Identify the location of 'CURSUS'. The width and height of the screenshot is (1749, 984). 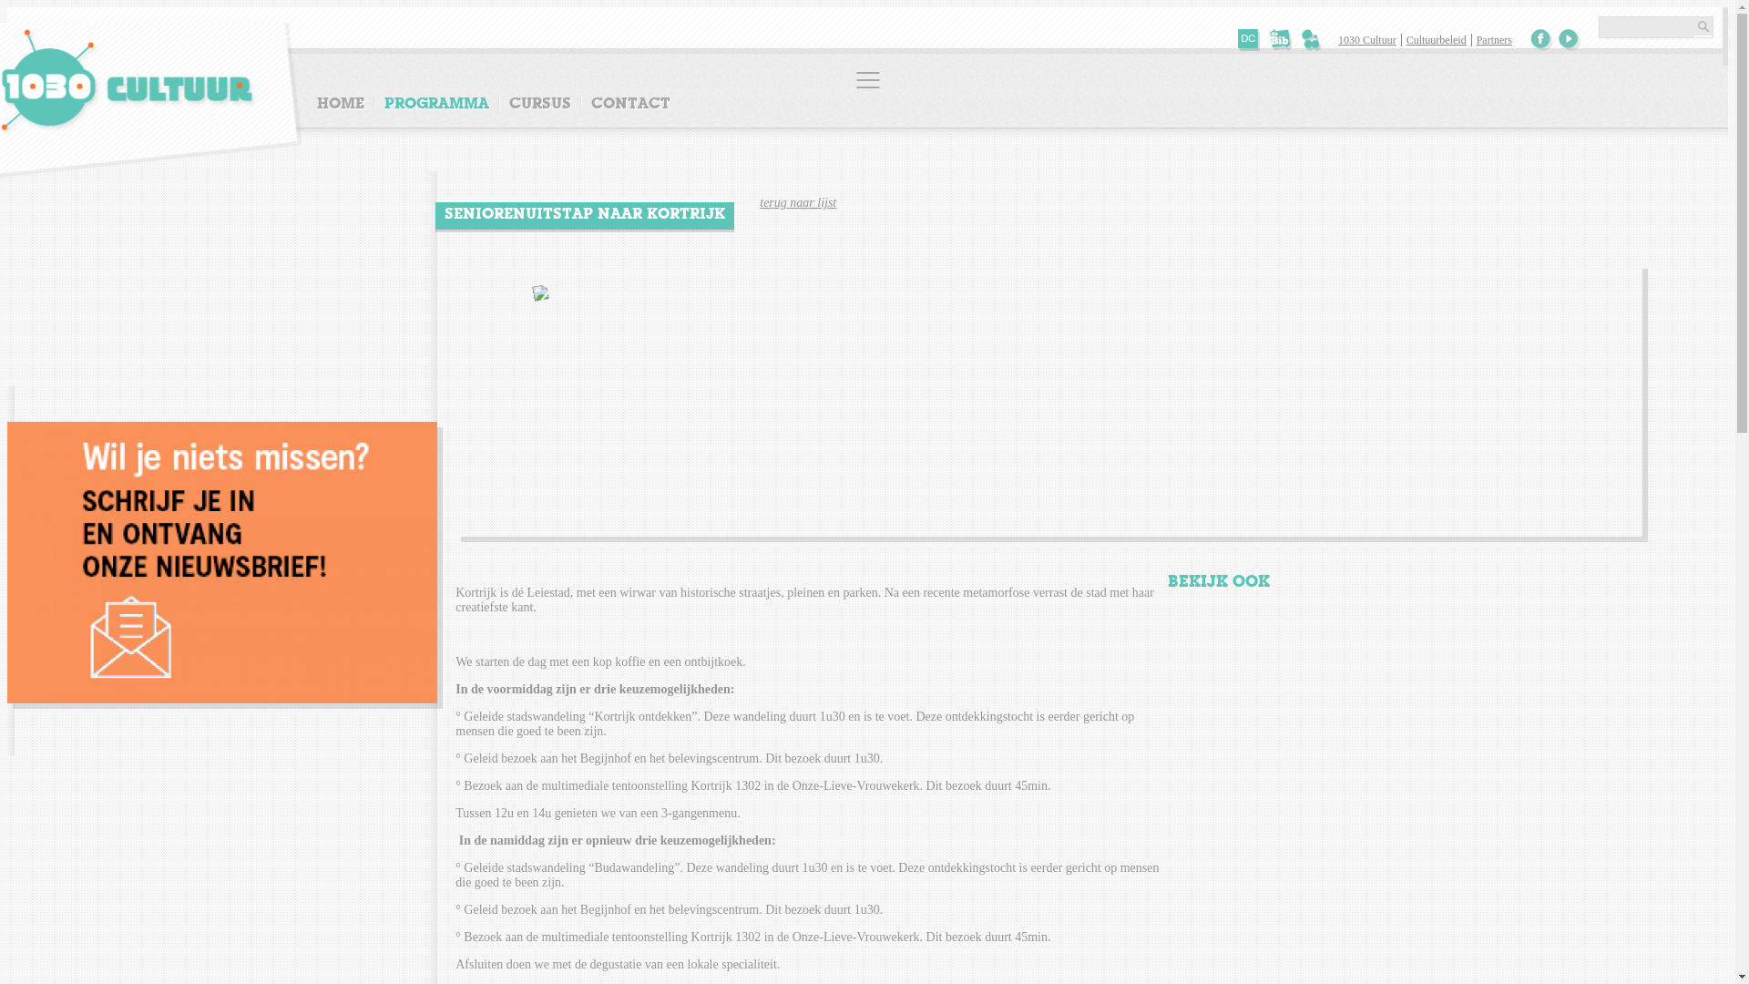
(539, 104).